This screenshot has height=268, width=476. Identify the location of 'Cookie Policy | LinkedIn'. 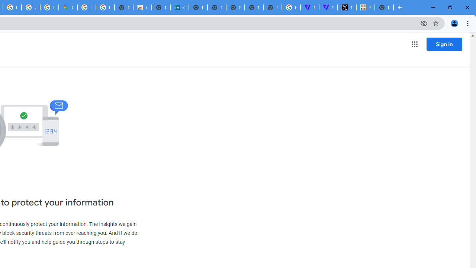
(180, 7).